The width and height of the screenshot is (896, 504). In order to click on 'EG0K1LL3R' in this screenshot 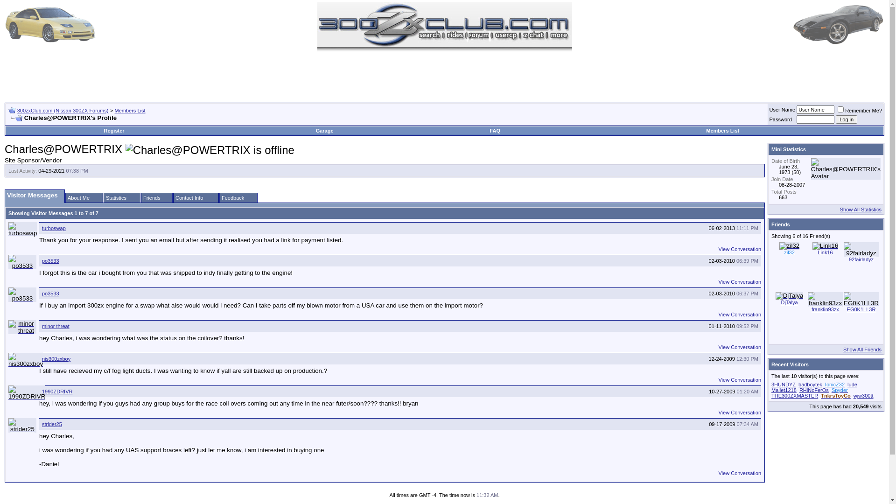, I will do `click(844, 299)`.